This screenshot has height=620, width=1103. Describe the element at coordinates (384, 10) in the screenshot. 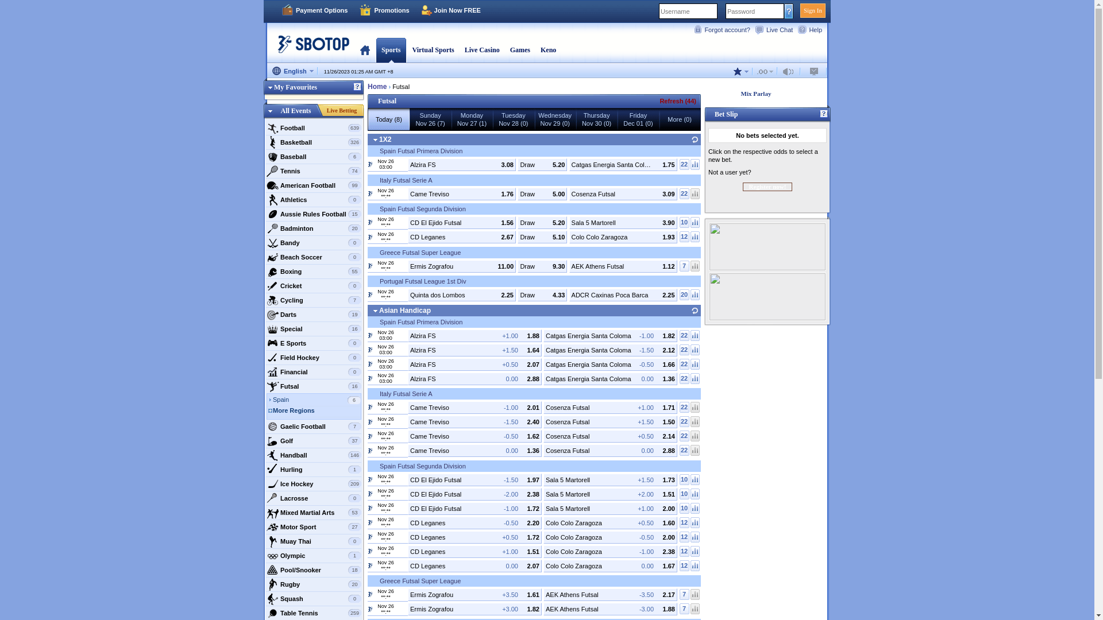

I see `'Promotions'` at that location.